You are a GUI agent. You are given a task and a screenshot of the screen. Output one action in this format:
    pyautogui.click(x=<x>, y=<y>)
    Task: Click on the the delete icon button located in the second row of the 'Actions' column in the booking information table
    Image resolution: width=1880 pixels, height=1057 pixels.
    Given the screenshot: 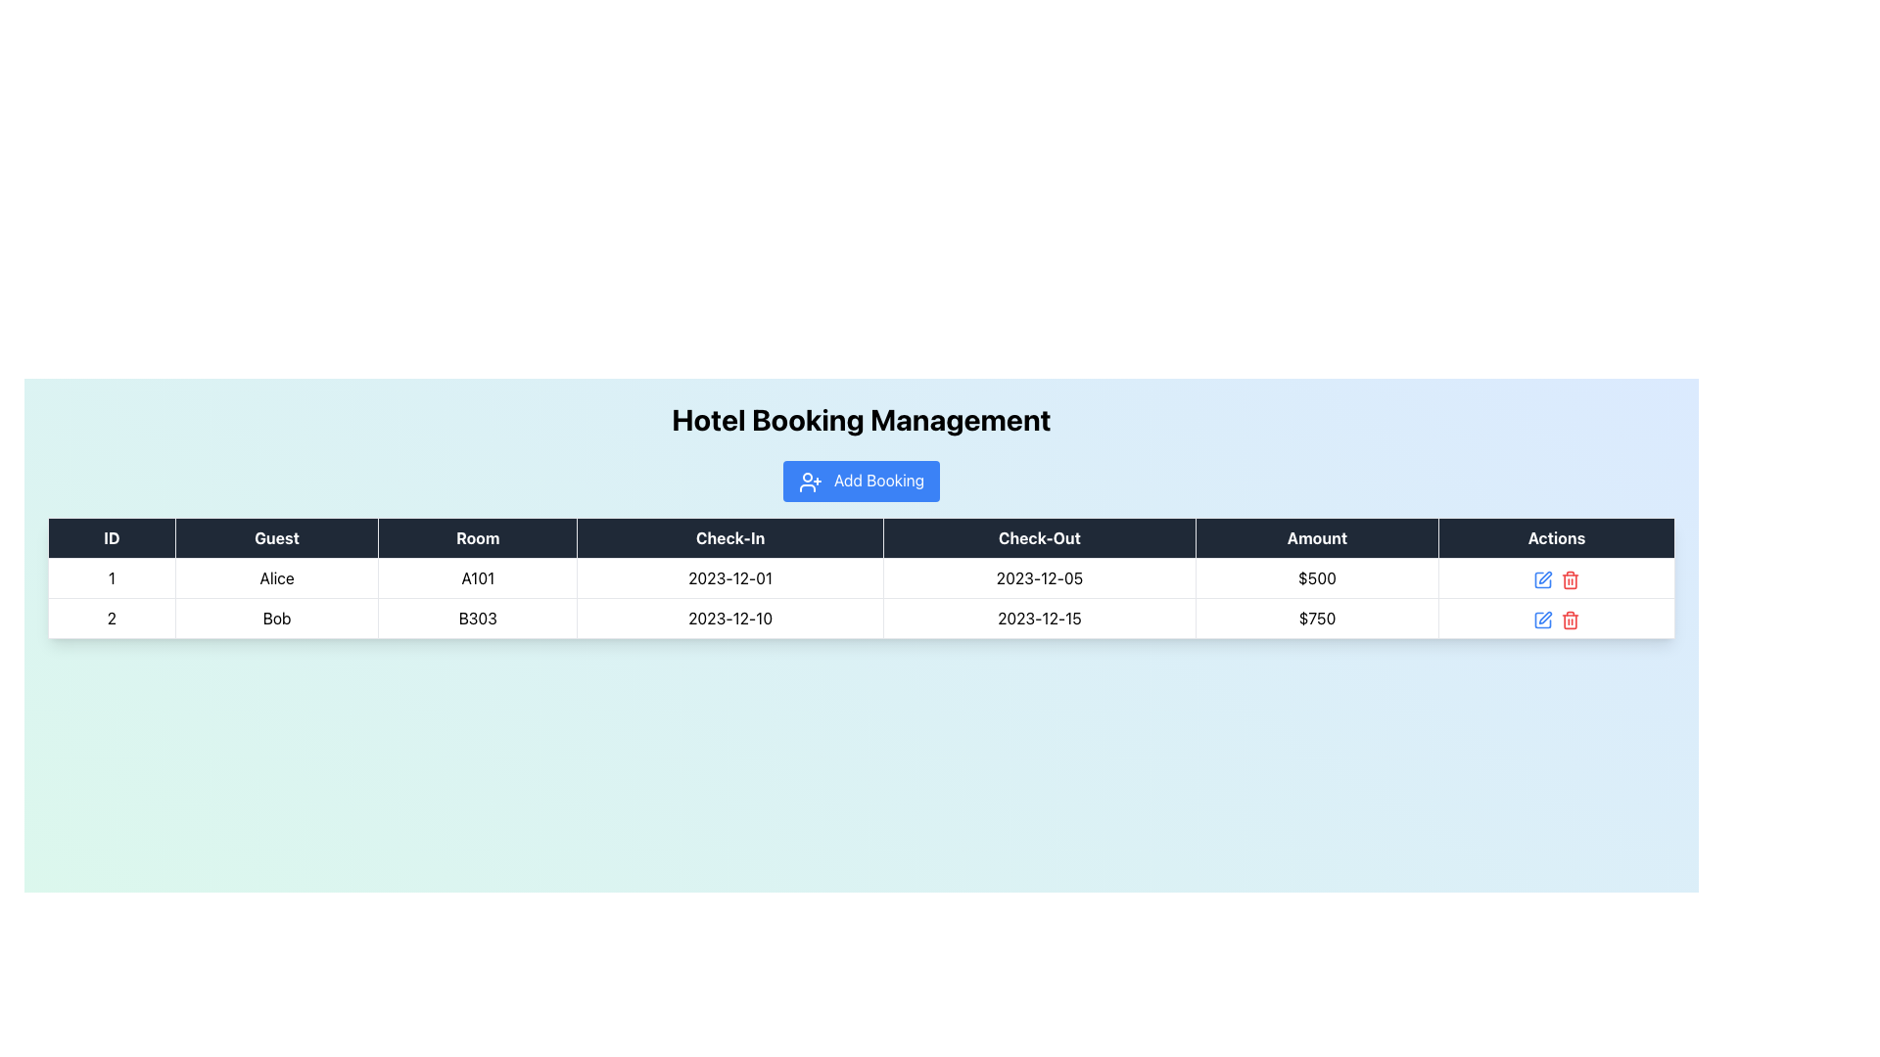 What is the action you would take?
    pyautogui.click(x=1570, y=620)
    